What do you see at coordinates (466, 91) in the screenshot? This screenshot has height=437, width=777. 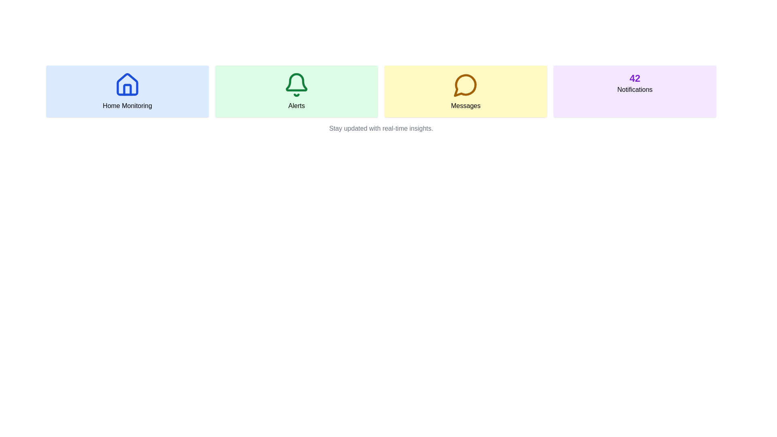 I see `the 'Messages' navigation tile, which is a rectangular box with a soft yellow background containing a brown chat bubble icon and the text 'Messages' below it` at bounding box center [466, 91].